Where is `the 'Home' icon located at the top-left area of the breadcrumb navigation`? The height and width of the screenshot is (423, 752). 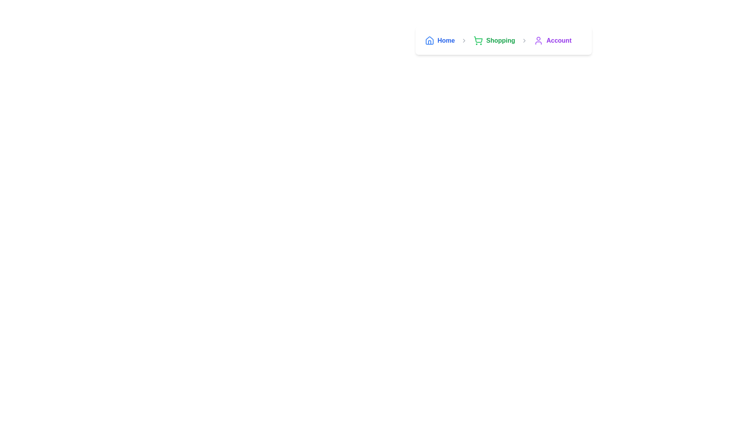 the 'Home' icon located at the top-left area of the breadcrumb navigation is located at coordinates (429, 40).